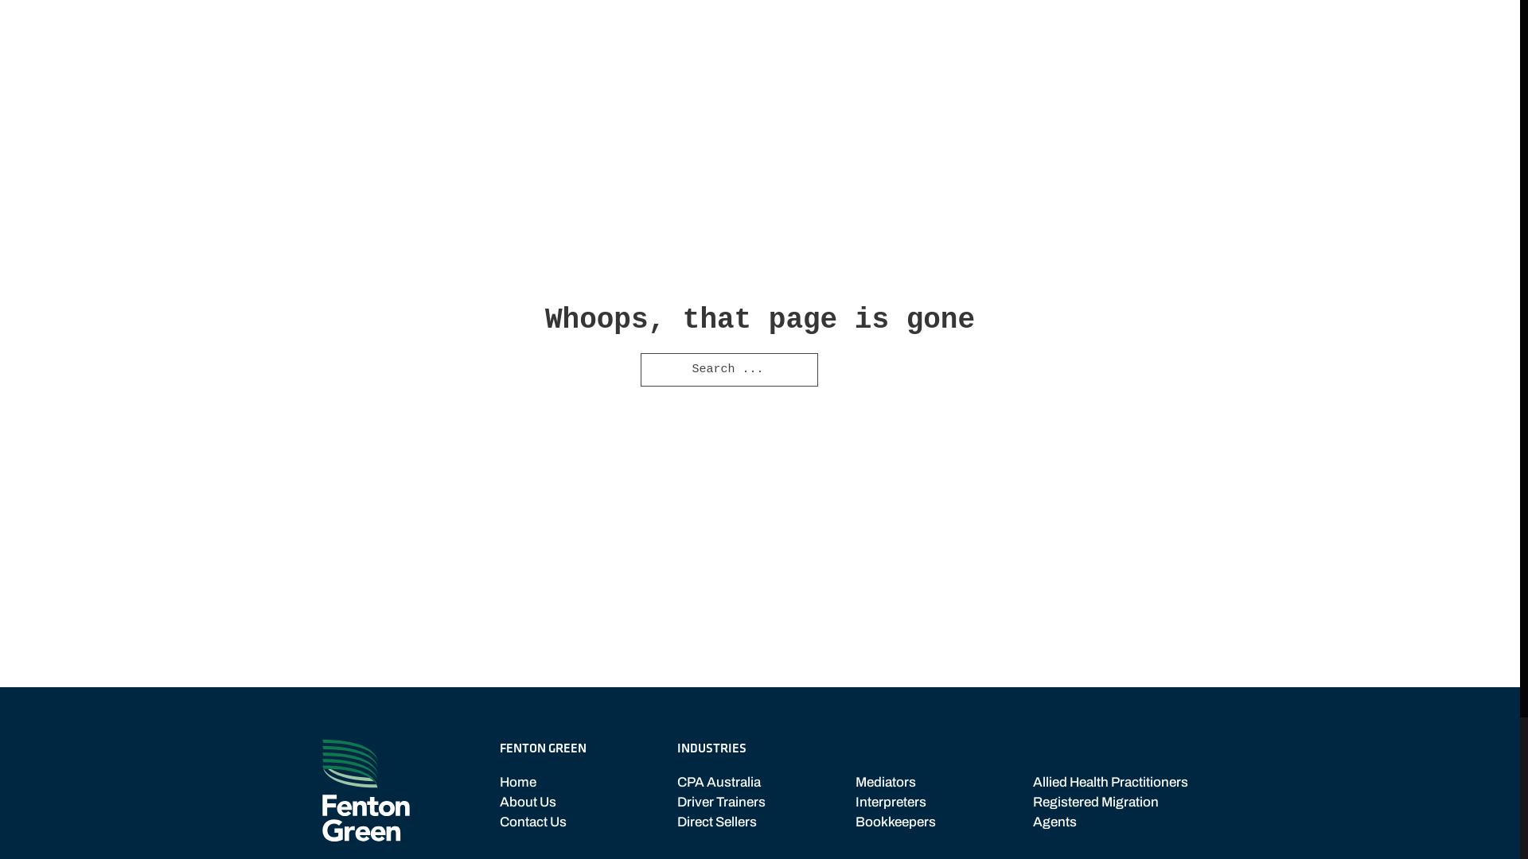 The width and height of the screenshot is (1528, 859). What do you see at coordinates (855, 822) in the screenshot?
I see `'Bookkeepers'` at bounding box center [855, 822].